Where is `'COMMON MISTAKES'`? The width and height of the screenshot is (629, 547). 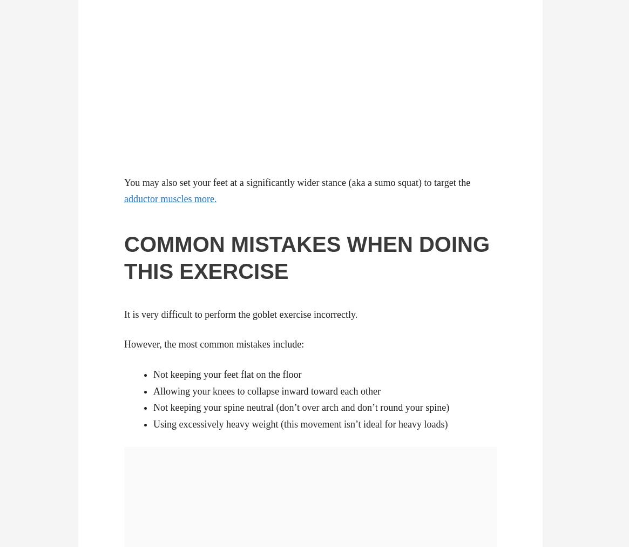 'COMMON MISTAKES' is located at coordinates (232, 244).